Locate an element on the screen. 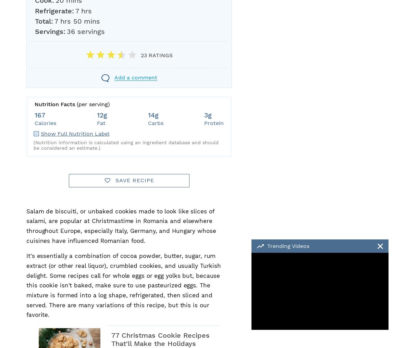  'Fat' is located at coordinates (101, 123).